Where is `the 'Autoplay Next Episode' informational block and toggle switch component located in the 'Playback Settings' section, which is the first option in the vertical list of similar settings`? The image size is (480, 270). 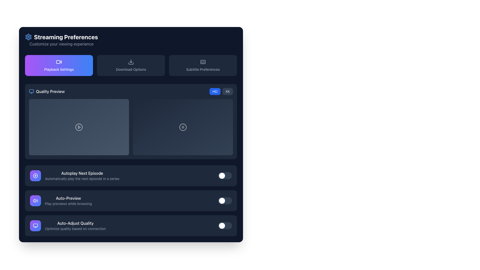
the 'Autoplay Next Episode' informational block and toggle switch component located in the 'Playback Settings' section, which is the first option in the vertical list of similar settings is located at coordinates (74, 175).